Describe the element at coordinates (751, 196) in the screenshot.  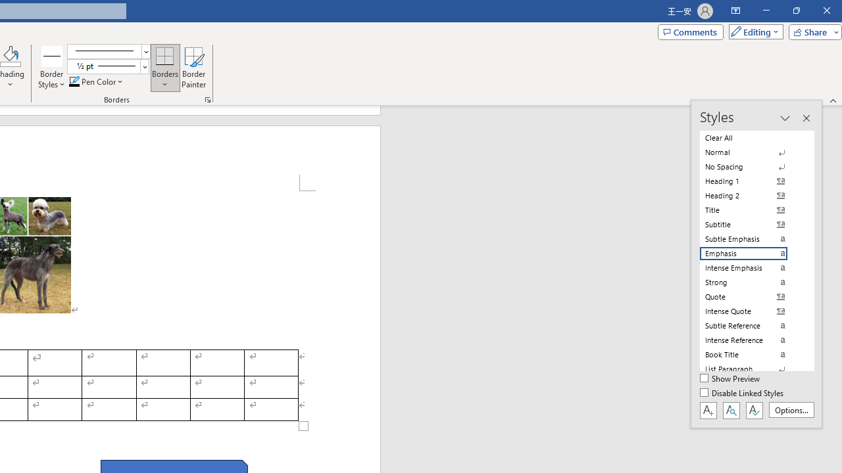
I see `'Heading 2'` at that location.